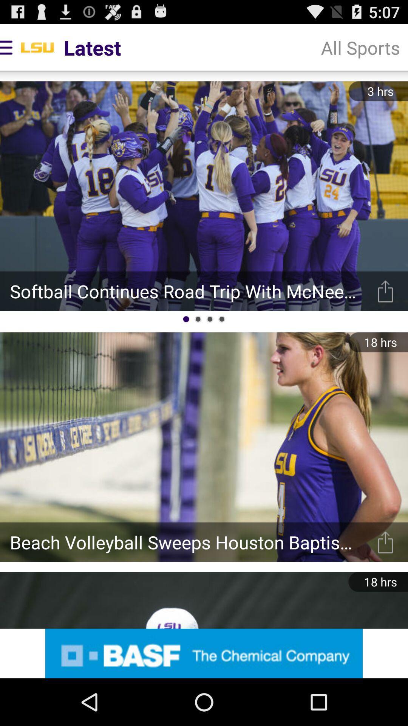  What do you see at coordinates (385, 291) in the screenshot?
I see `share the article` at bounding box center [385, 291].